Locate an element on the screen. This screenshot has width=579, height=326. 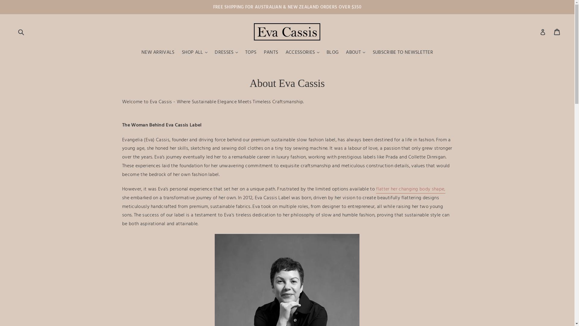
'flatter her changing body shape,' is located at coordinates (410, 189).